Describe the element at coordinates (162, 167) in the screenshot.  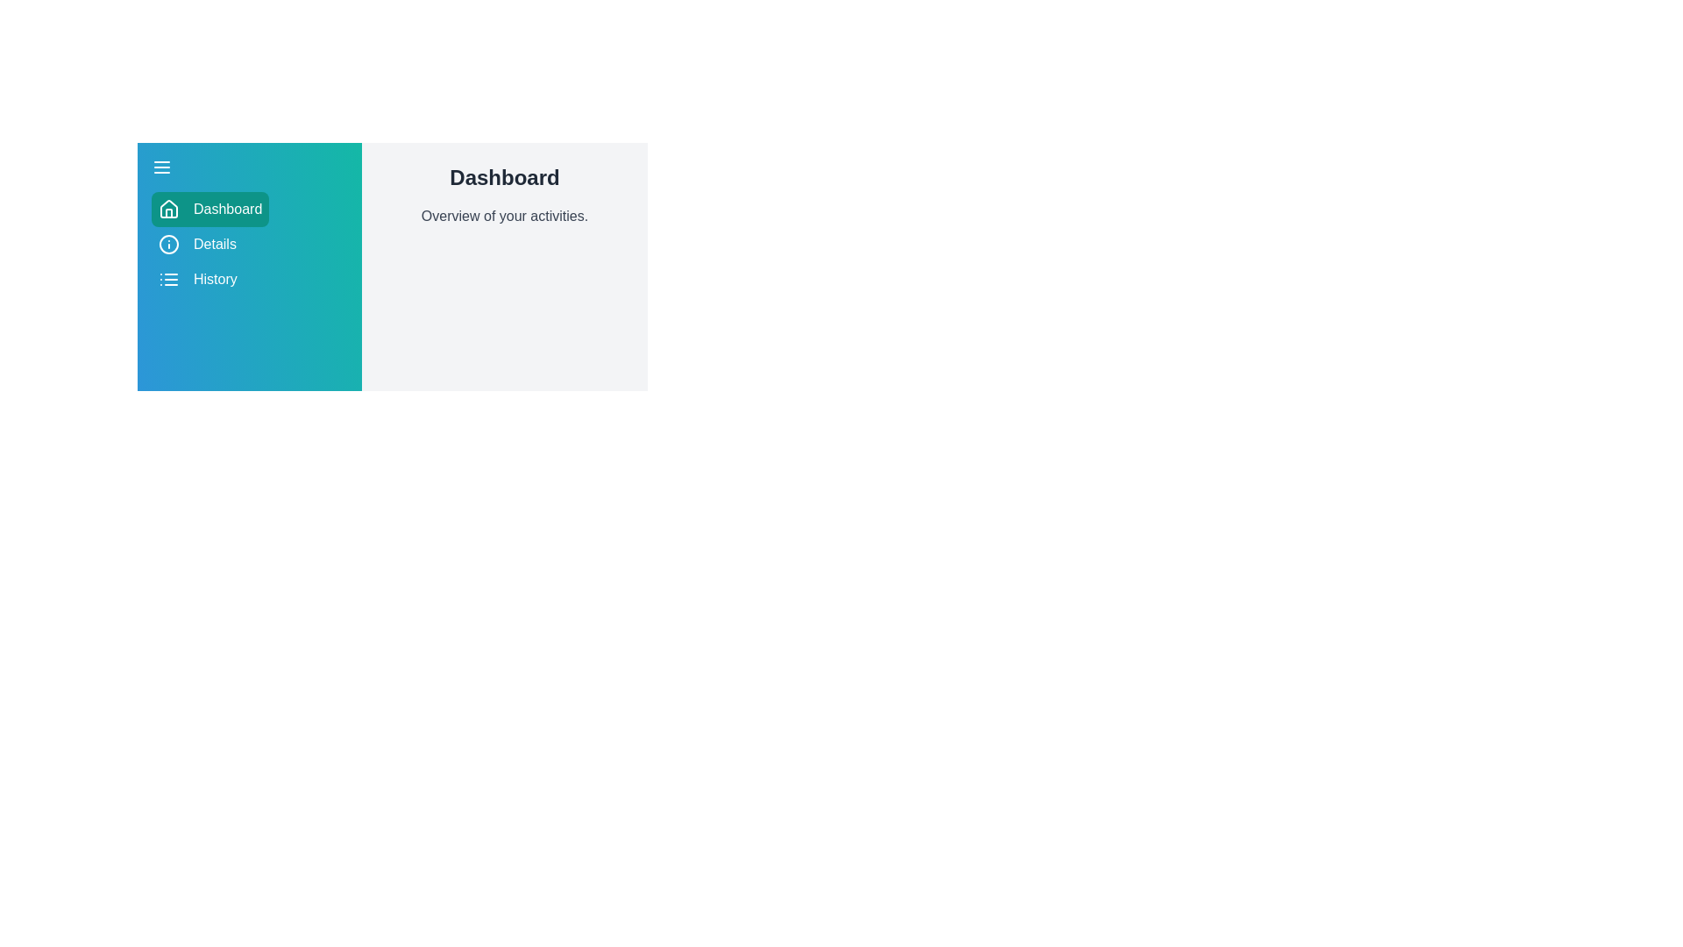
I see `toggle button to expand or collapse the sidebar` at that location.